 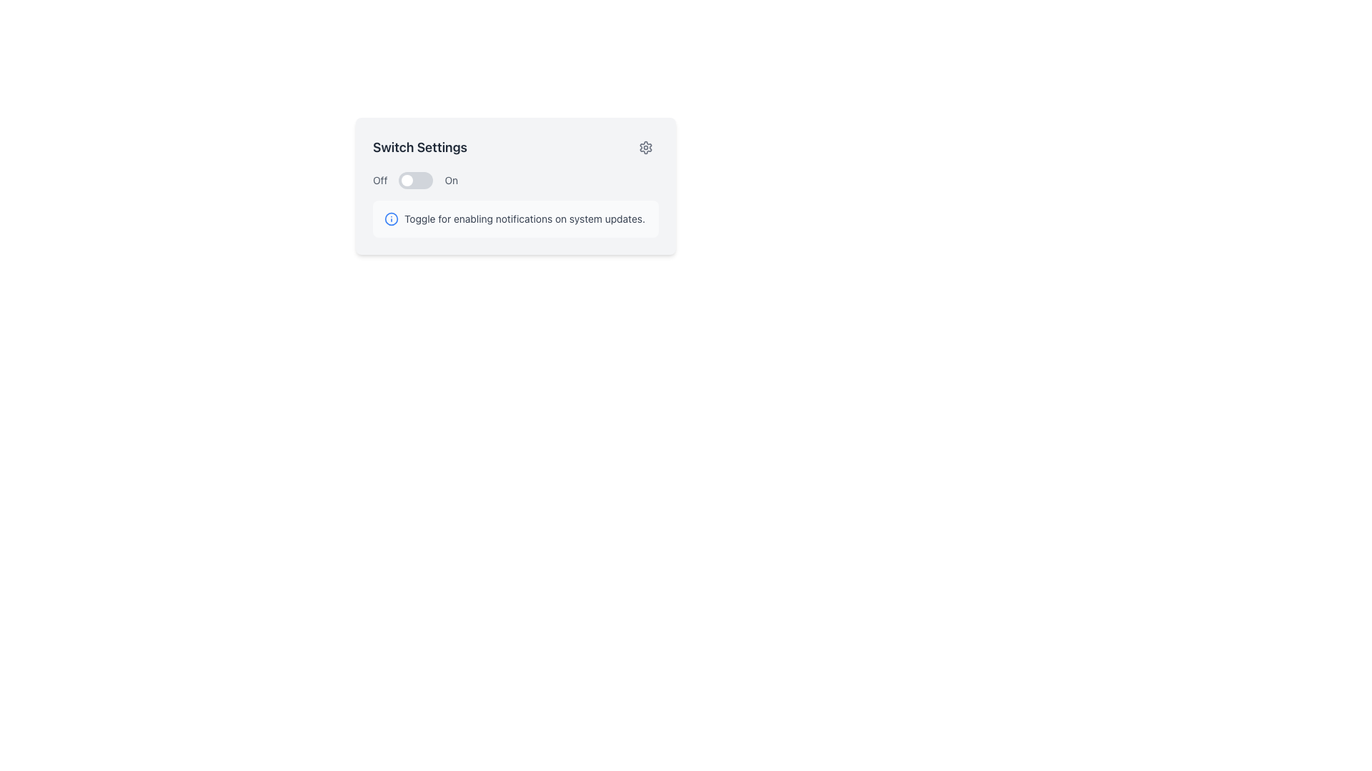 I want to click on the gear icon button located to the right of the 'Switch Settings' text, which opens the settings menu or configuration options, so click(x=645, y=148).